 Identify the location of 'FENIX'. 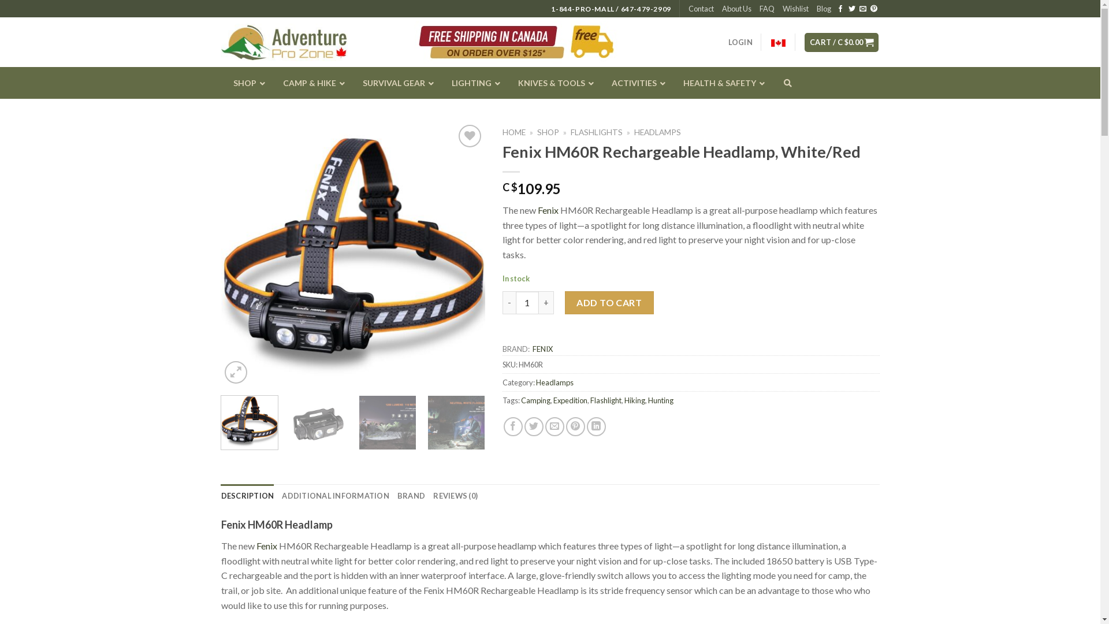
(542, 348).